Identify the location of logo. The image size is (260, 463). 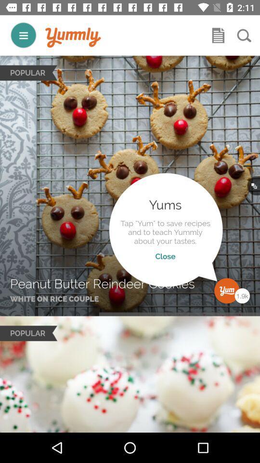
(73, 38).